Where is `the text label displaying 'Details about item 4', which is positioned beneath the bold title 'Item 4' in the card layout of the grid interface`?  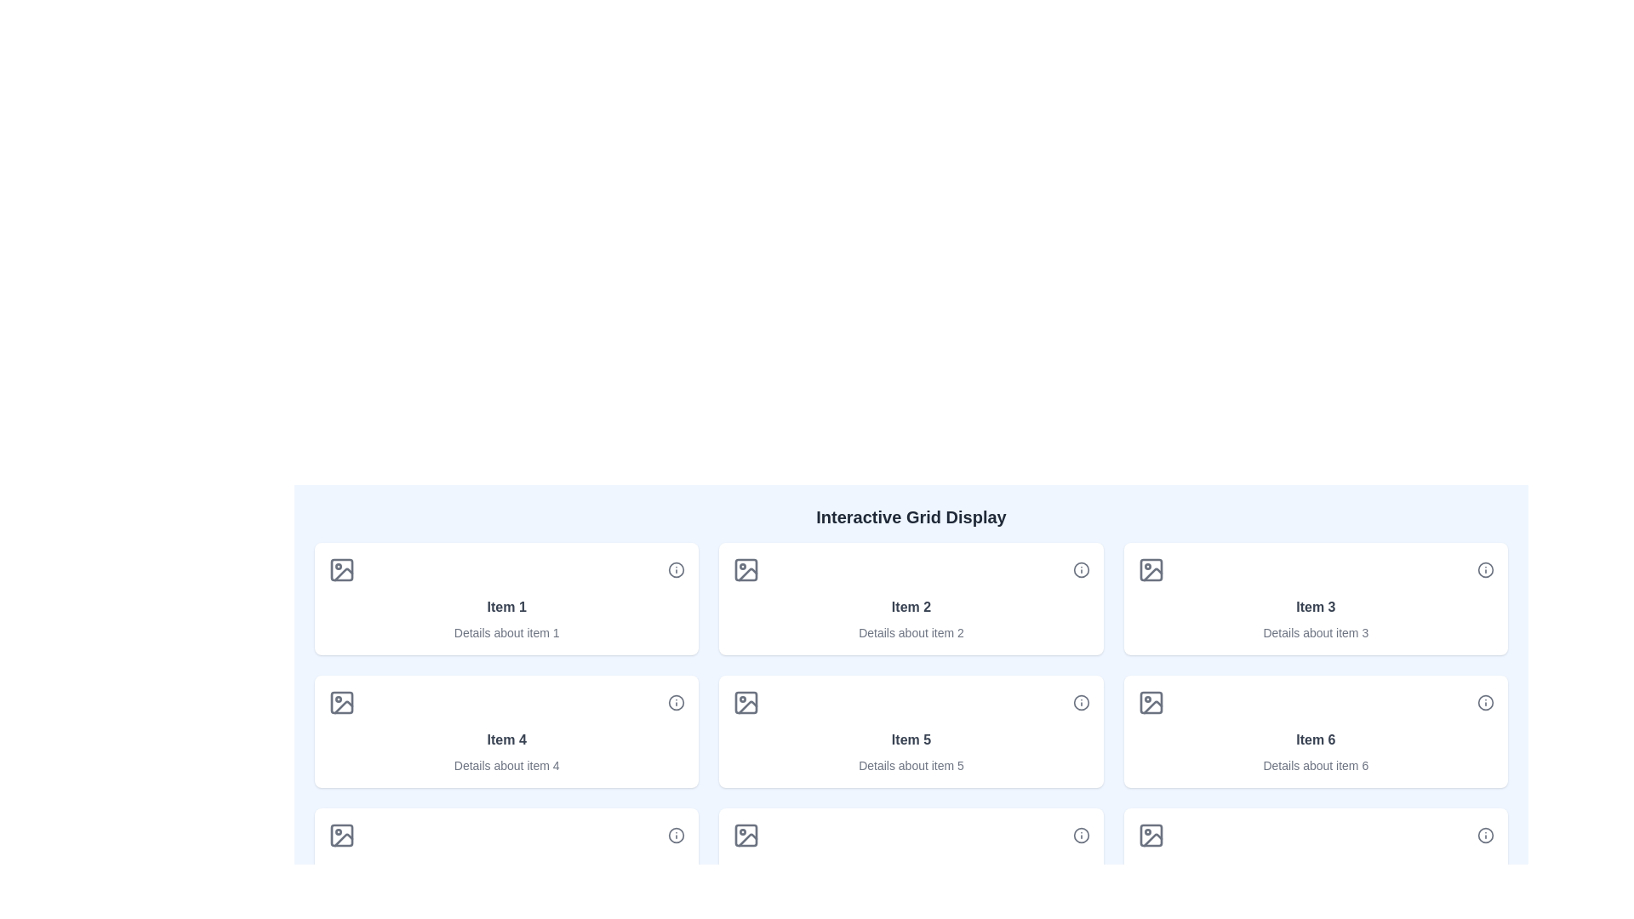
the text label displaying 'Details about item 4', which is positioned beneath the bold title 'Item 4' in the card layout of the grid interface is located at coordinates (506, 764).